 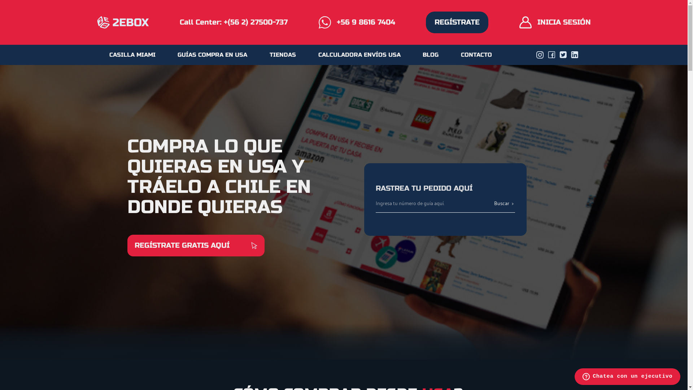 What do you see at coordinates (431, 54) in the screenshot?
I see `'BLOG'` at bounding box center [431, 54].